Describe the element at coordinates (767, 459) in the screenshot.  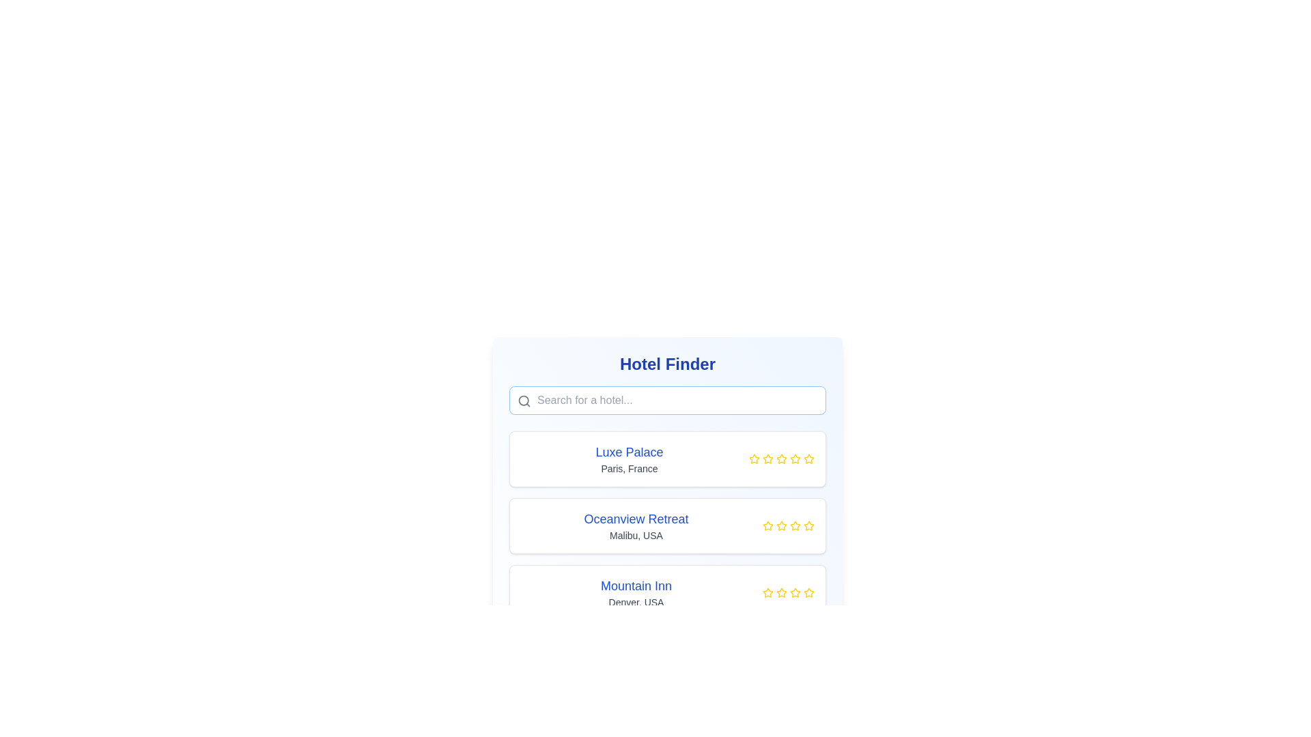
I see `the visual representation of the first yellow star icon used for rating in the 'Luxe Palace' hotel listing` at that location.